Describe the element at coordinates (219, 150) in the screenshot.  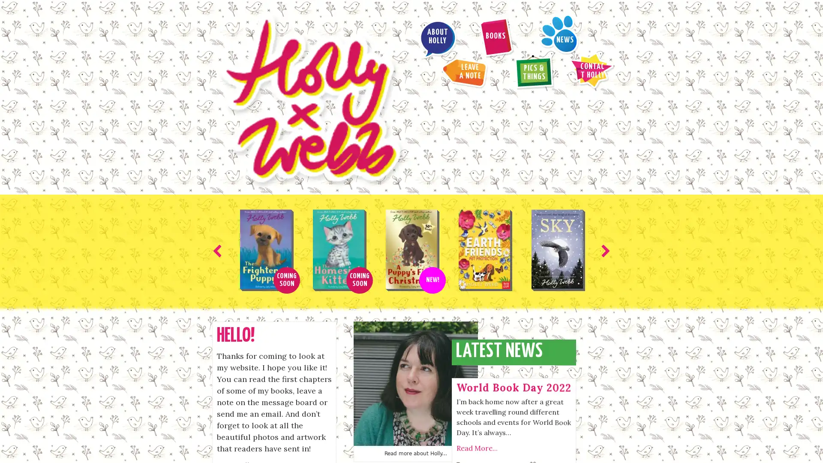
I see `Previous` at that location.